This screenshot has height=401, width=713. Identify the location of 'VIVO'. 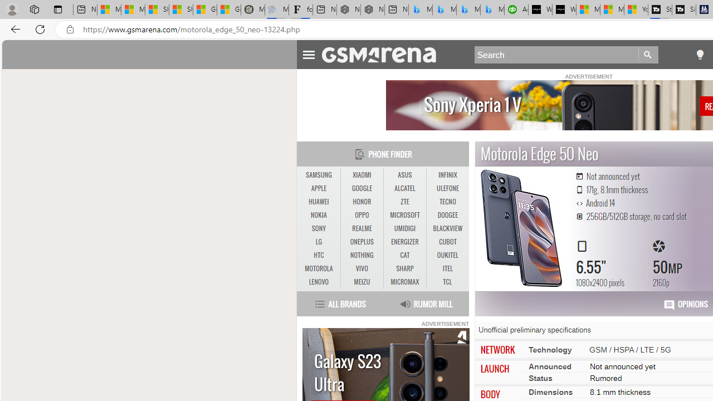
(362, 268).